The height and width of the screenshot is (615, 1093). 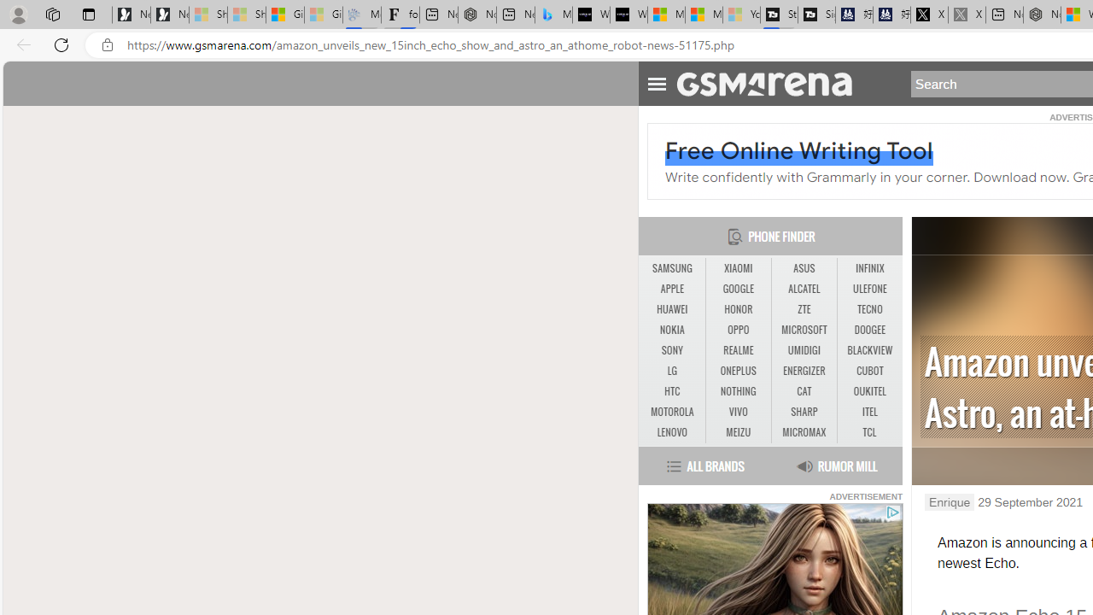 What do you see at coordinates (869, 391) in the screenshot?
I see `'OUKITEL'` at bounding box center [869, 391].